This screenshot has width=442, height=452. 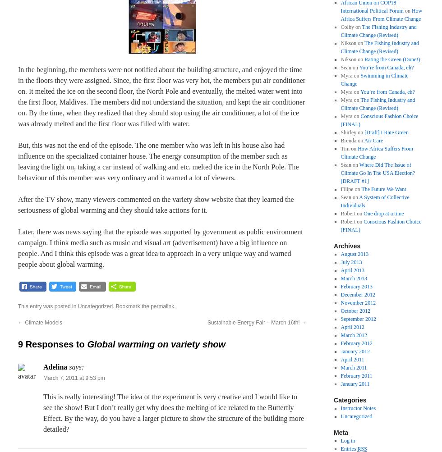 What do you see at coordinates (358, 408) in the screenshot?
I see `'Instructor Notes'` at bounding box center [358, 408].